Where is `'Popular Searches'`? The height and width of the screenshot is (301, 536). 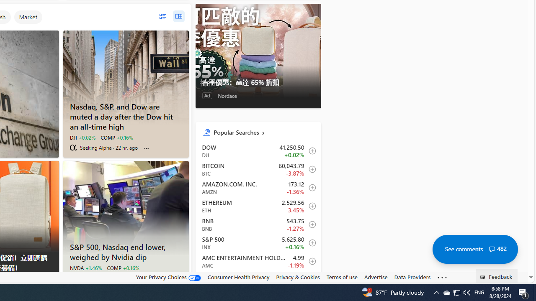
'Popular Searches' is located at coordinates (263, 132).